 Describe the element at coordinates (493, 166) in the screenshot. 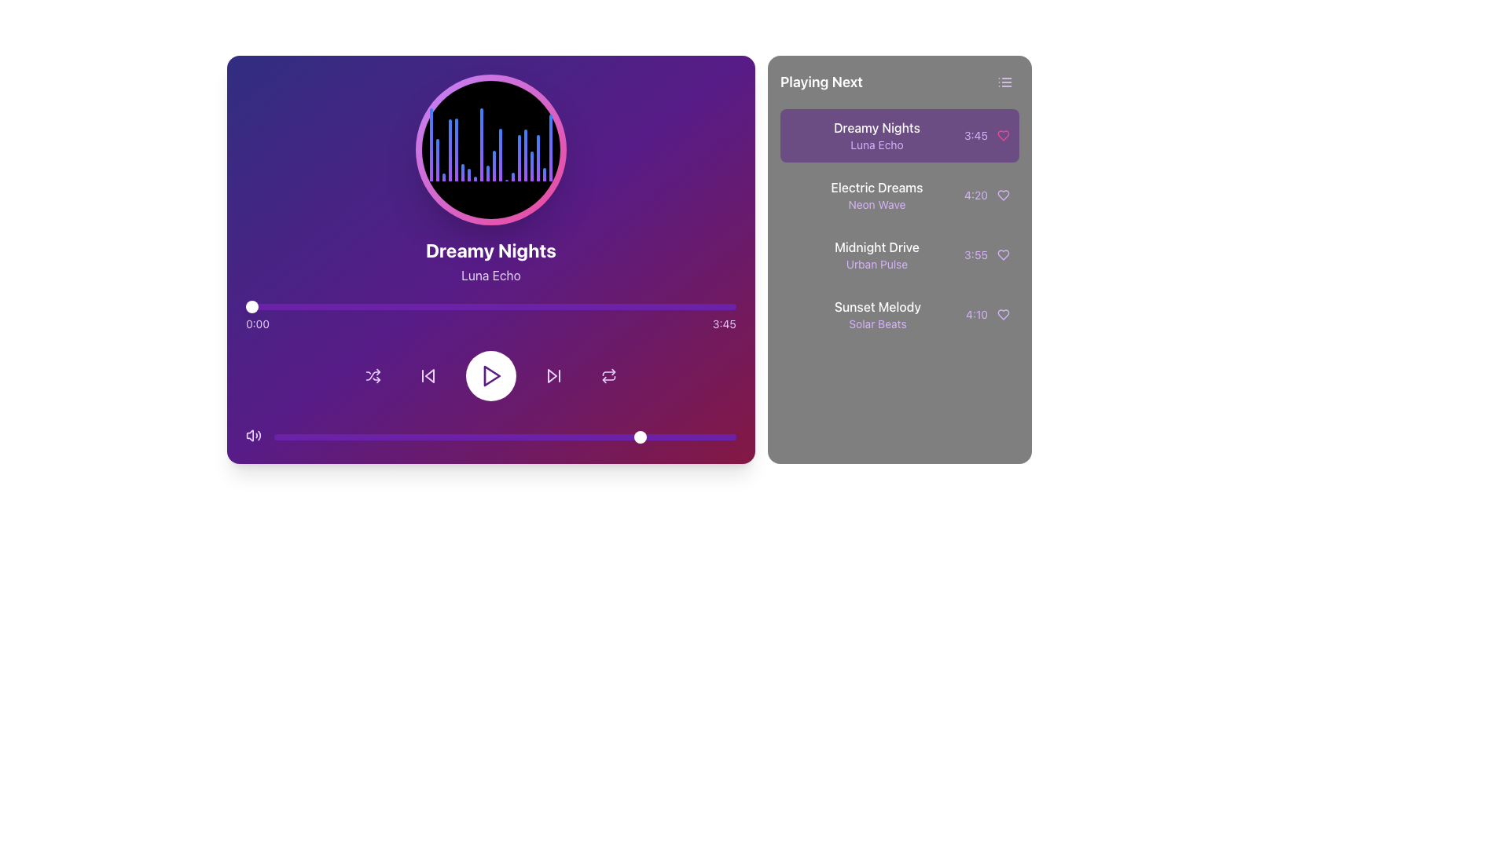

I see `the eleventh vertical bar in the audio visualizer display, which has a gradient from purple to blue and rounded edges at the top` at that location.